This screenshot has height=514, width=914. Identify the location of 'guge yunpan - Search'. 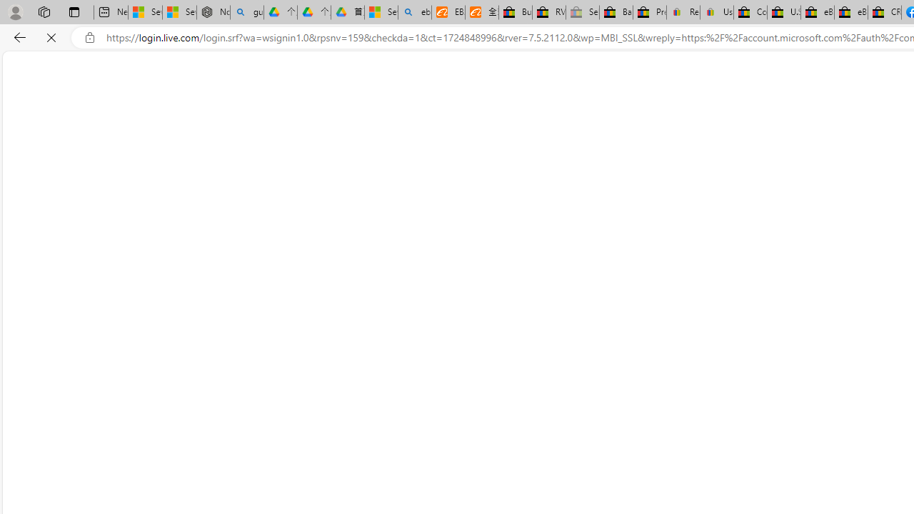
(246, 12).